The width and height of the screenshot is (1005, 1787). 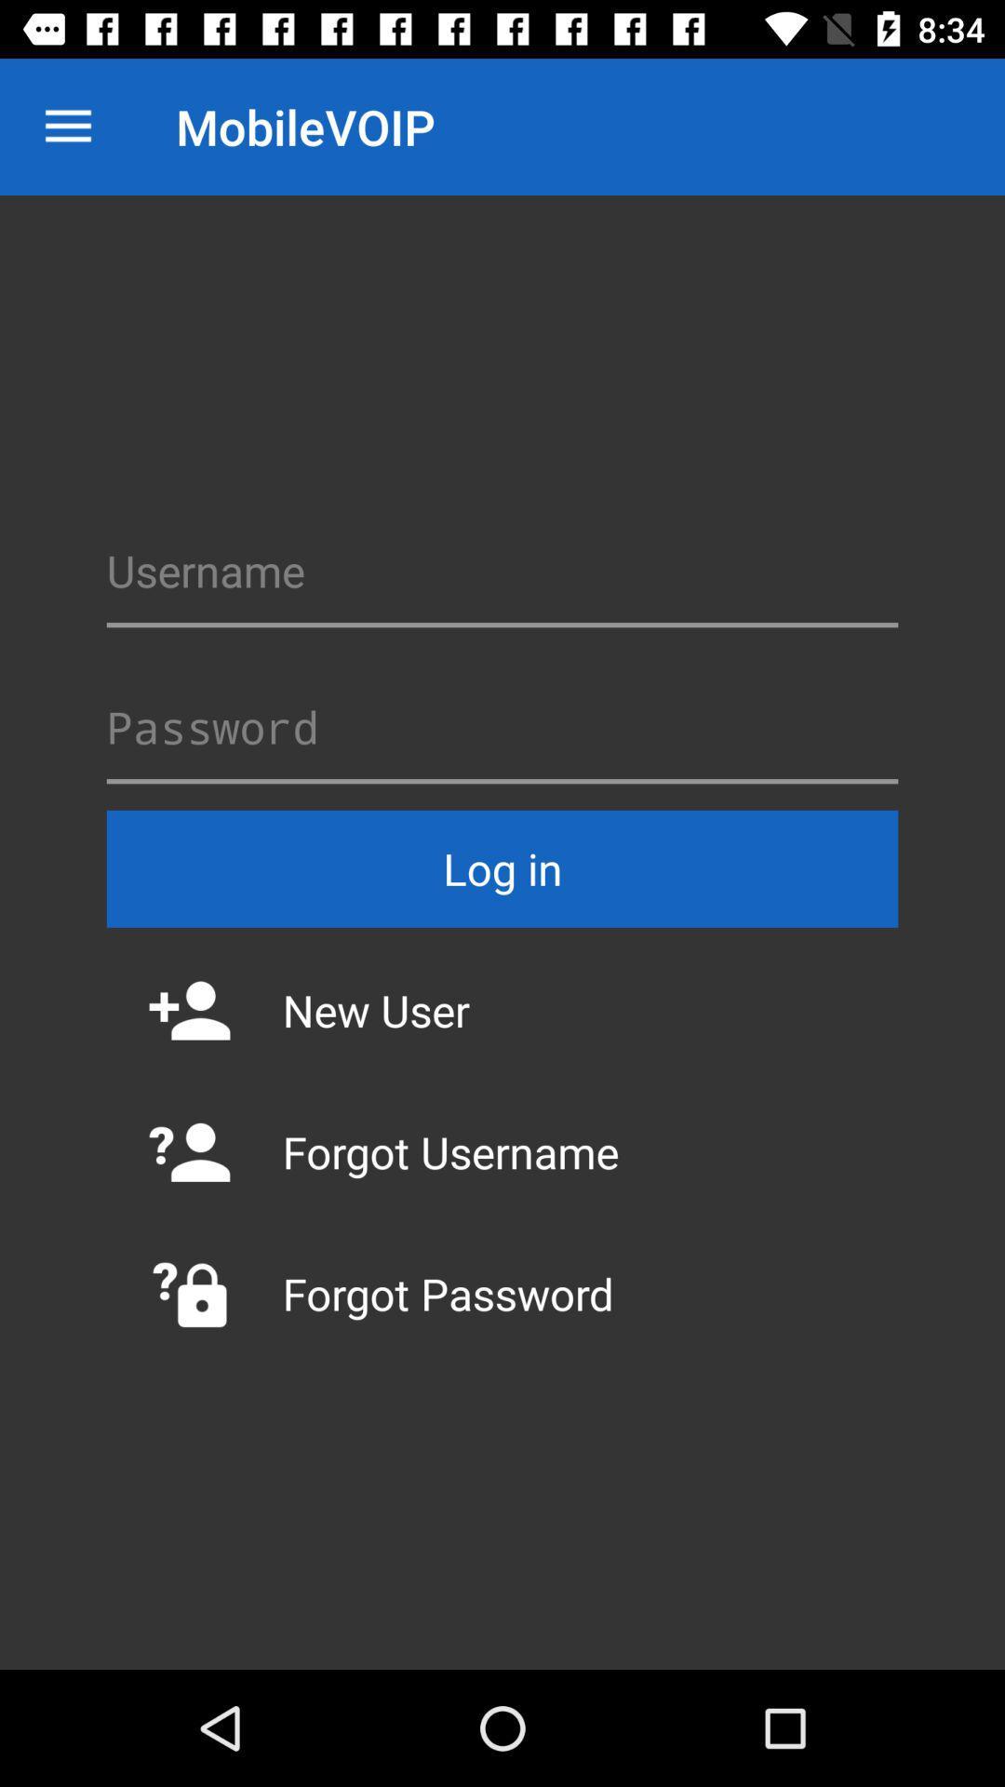 I want to click on the icon above forgot password item, so click(x=502, y=1151).